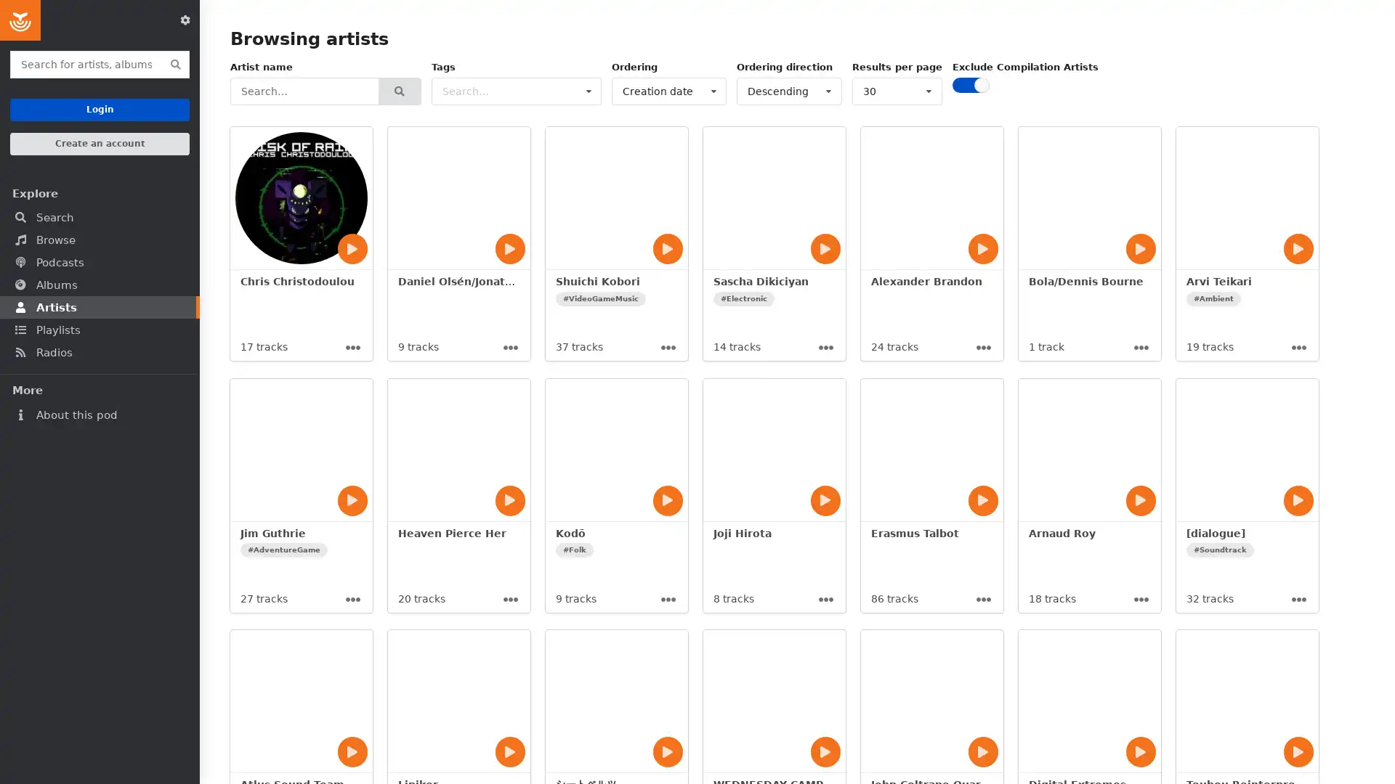  I want to click on Play artist, so click(666, 248).